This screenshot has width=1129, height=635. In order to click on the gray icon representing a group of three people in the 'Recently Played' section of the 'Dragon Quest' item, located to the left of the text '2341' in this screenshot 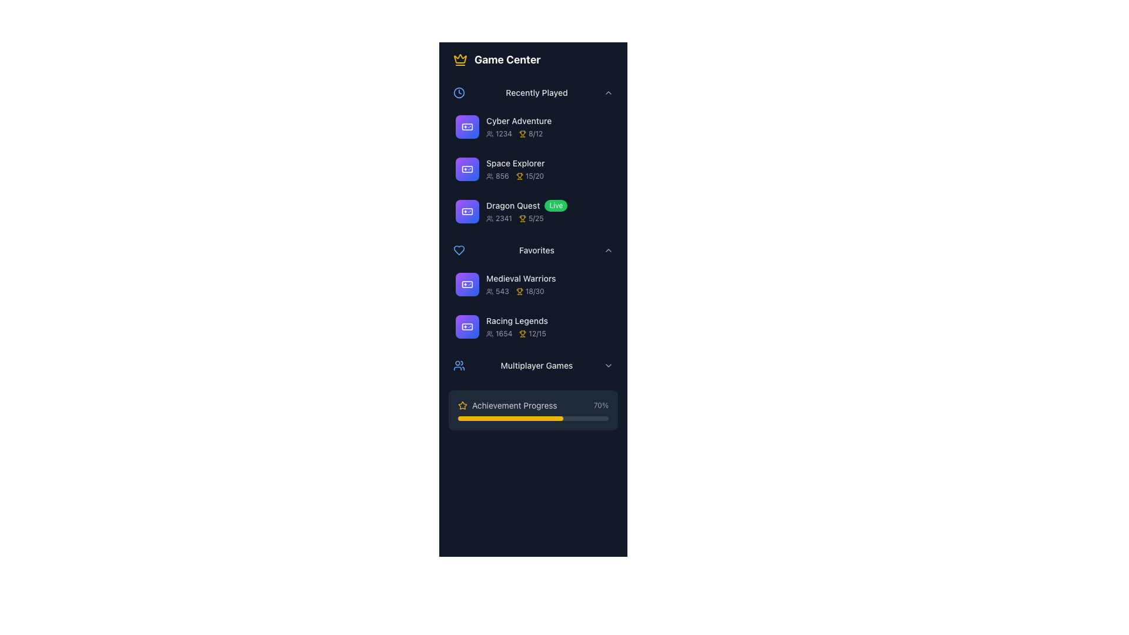, I will do `click(490, 218)`.